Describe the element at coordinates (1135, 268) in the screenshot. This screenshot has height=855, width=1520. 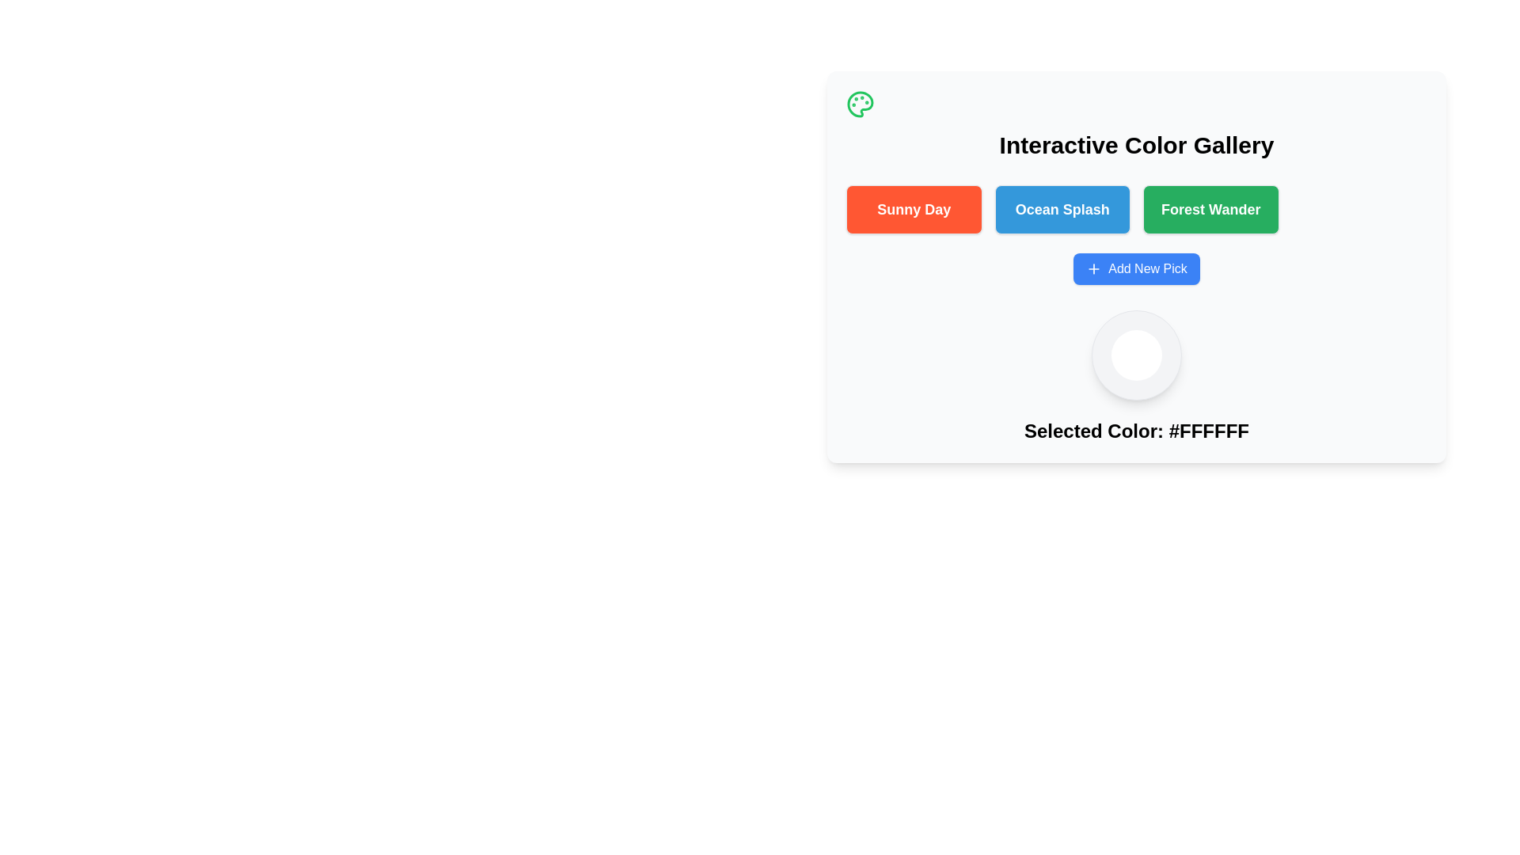
I see `the button used to add new items or options to the current interface, located below the colorful cards labeled 'Sunny Day', 'Ocean Splash', and 'Forest Wander'` at that location.